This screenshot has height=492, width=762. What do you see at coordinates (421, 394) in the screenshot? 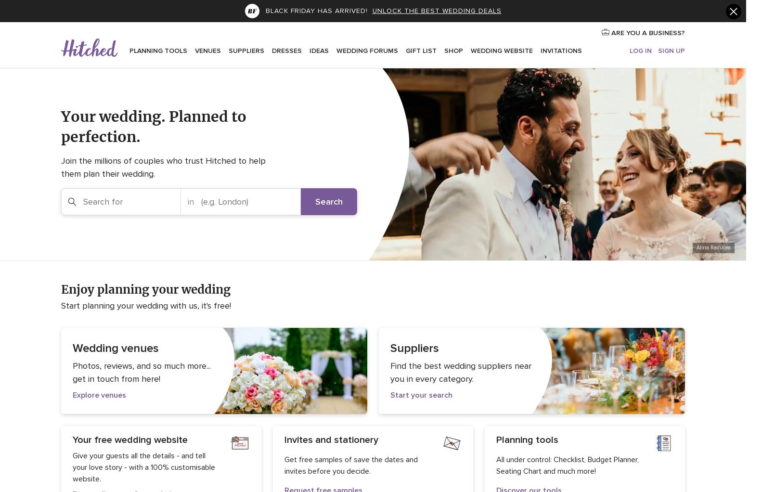
I see `'Start your search'` at bounding box center [421, 394].